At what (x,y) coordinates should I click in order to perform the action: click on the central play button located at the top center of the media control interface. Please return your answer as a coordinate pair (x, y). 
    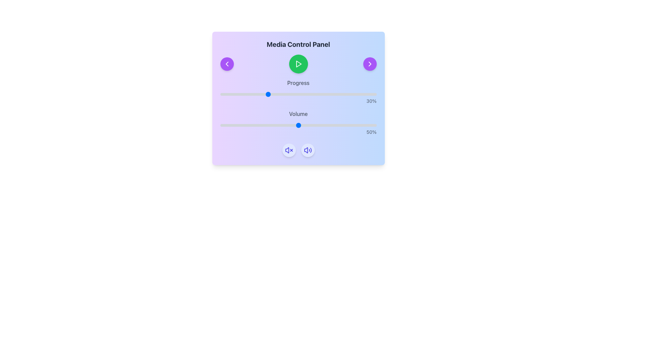
    Looking at the image, I should click on (298, 64).